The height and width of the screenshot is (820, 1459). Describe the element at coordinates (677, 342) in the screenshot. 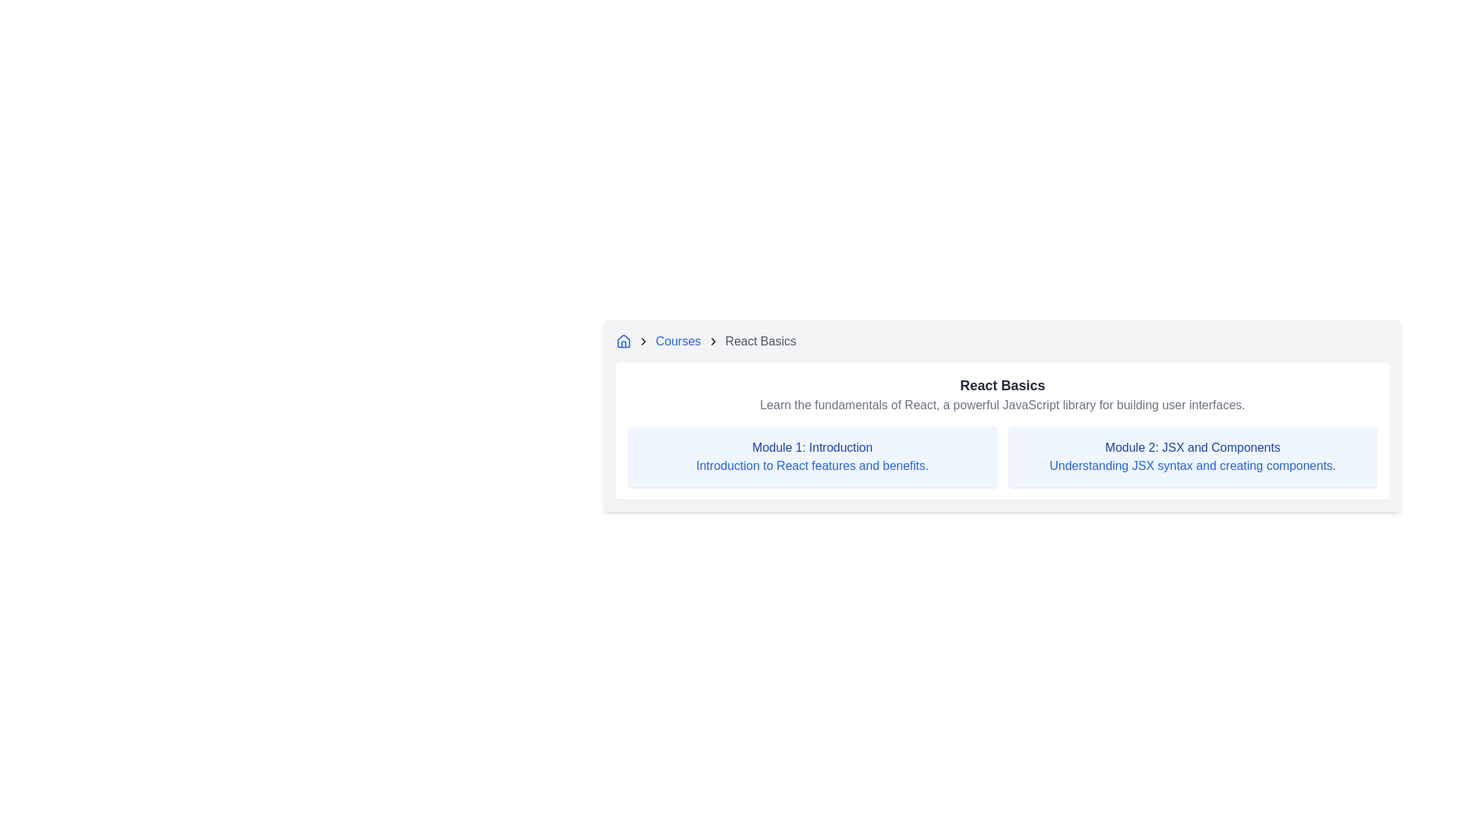

I see `the 'Courses' clickable text link, which is styled in blue and underlined on hover` at that location.